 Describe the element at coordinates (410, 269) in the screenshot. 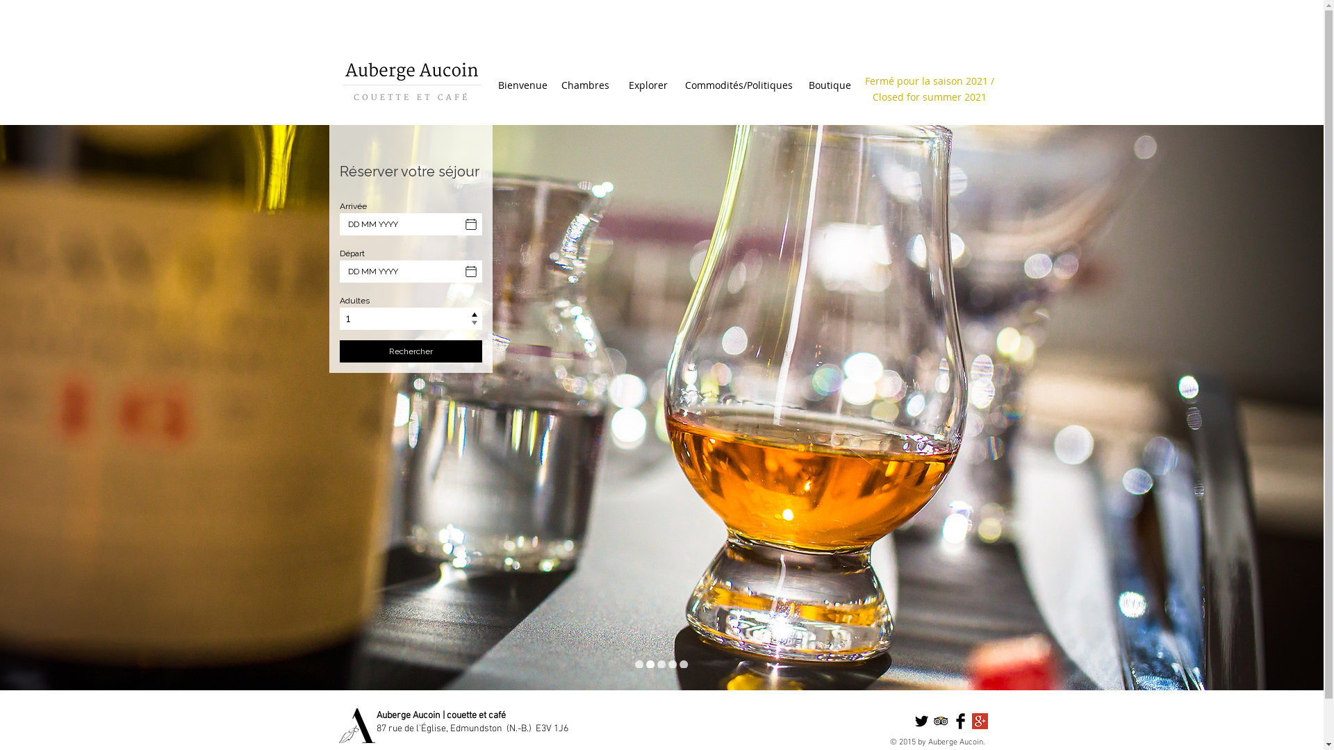

I see `'Wix Hotels'` at that location.